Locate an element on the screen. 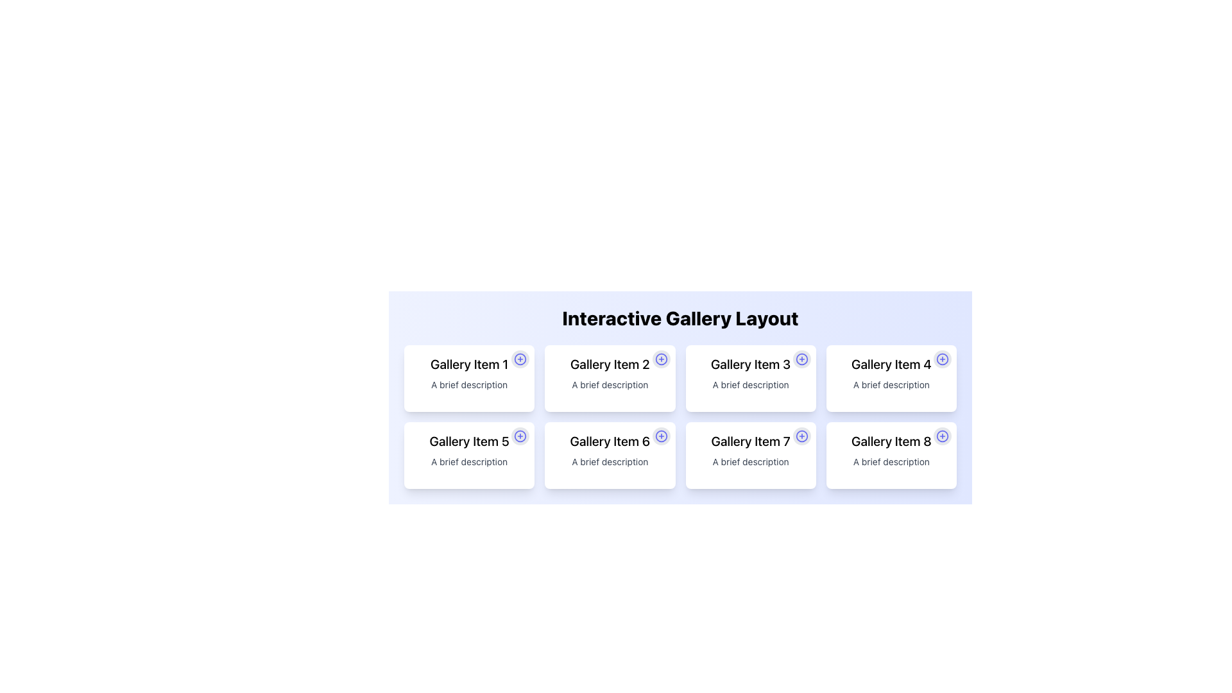  the button located at the top-right corner of the card labeled 'Gallery Item 1' is located at coordinates (520, 359).